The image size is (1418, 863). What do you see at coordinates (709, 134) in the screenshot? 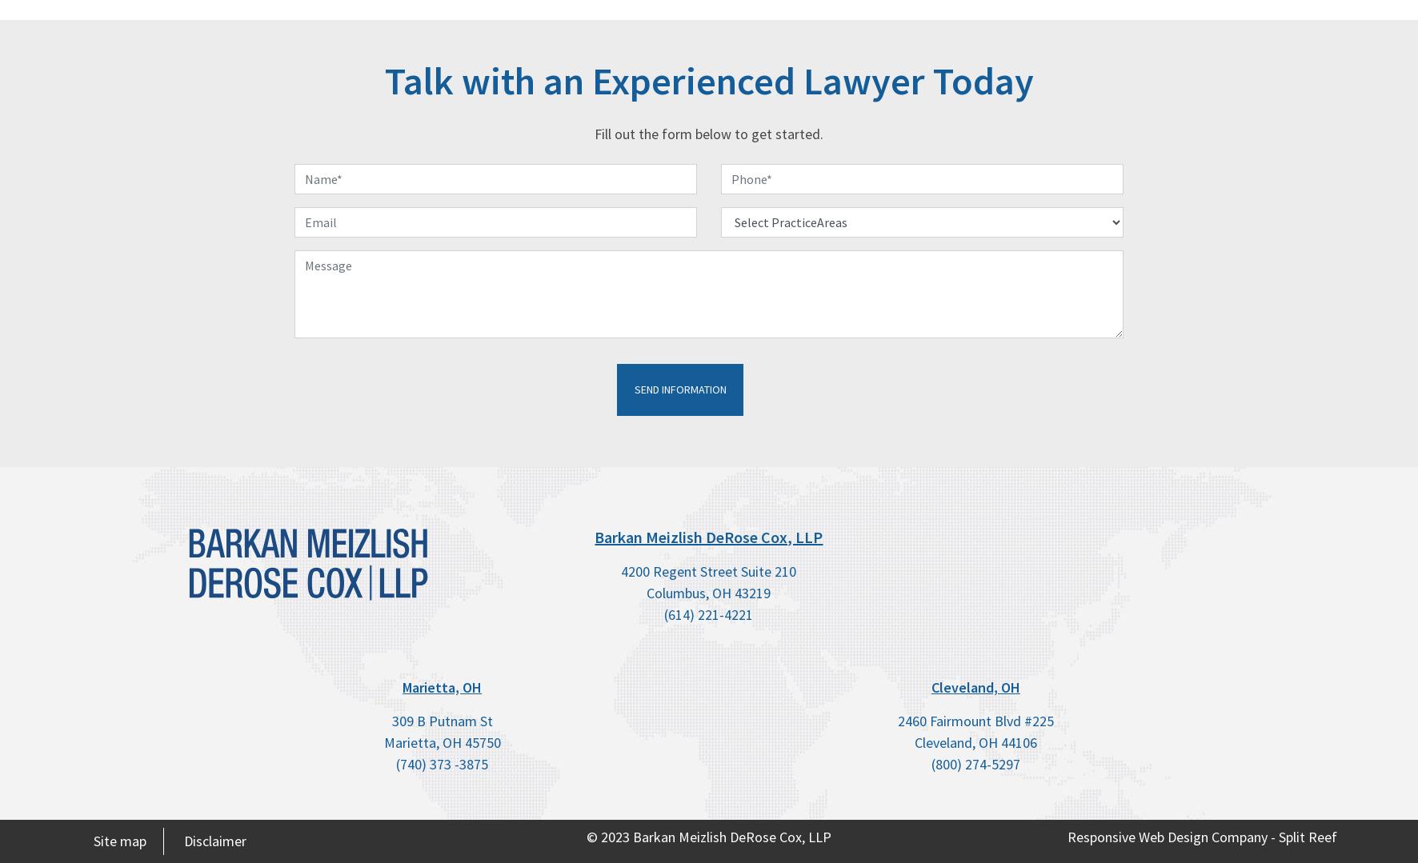
I see `'Fill out the form below to get started.'` at bounding box center [709, 134].